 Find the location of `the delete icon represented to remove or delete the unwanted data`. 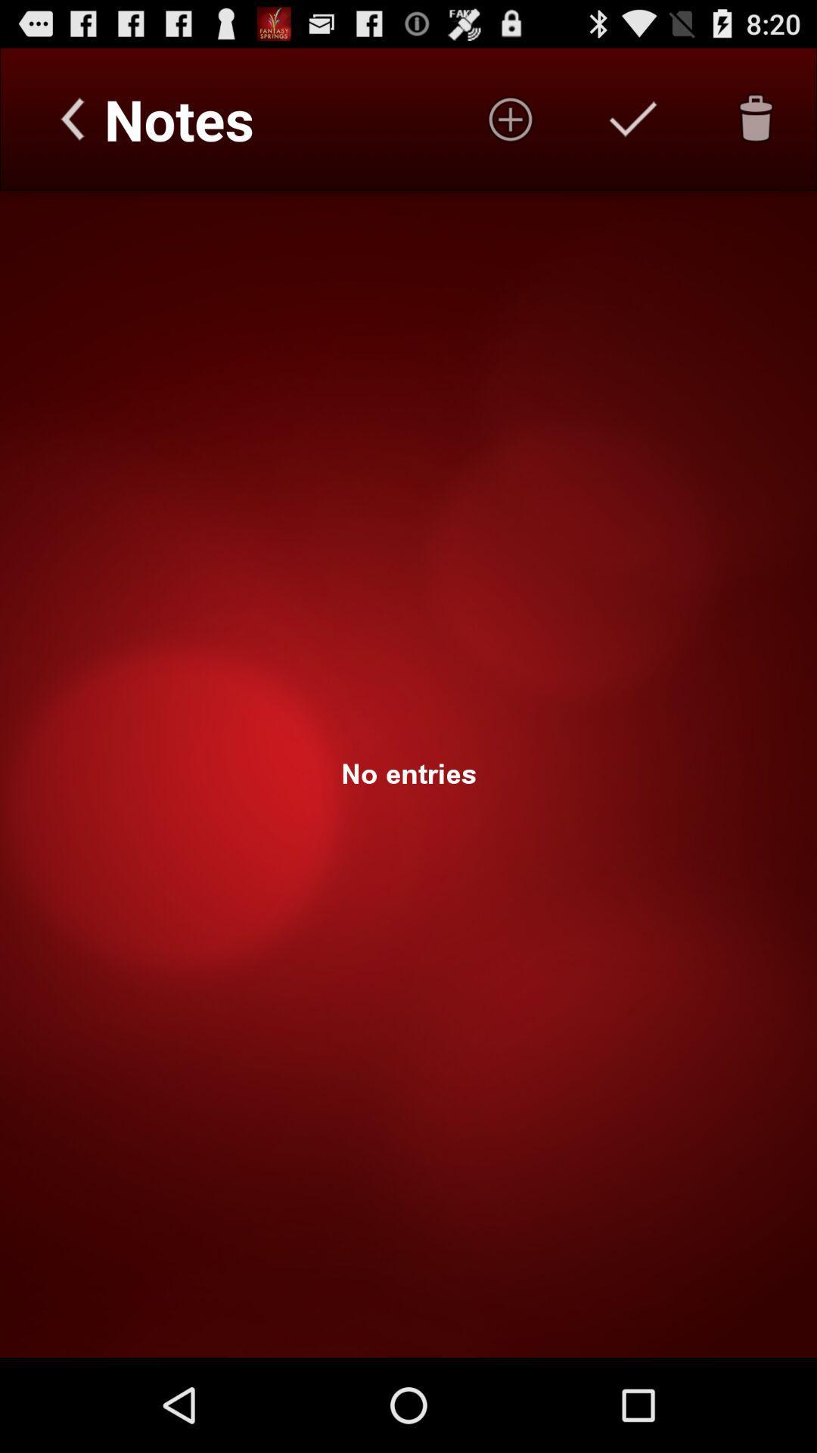

the delete icon represented to remove or delete the unwanted data is located at coordinates (756, 118).